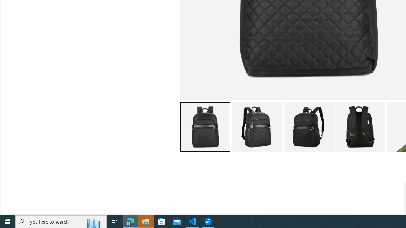 This screenshot has width=406, height=228. Describe the element at coordinates (93, 221) in the screenshot. I see `'Search highlights icon opens search home window'` at that location.